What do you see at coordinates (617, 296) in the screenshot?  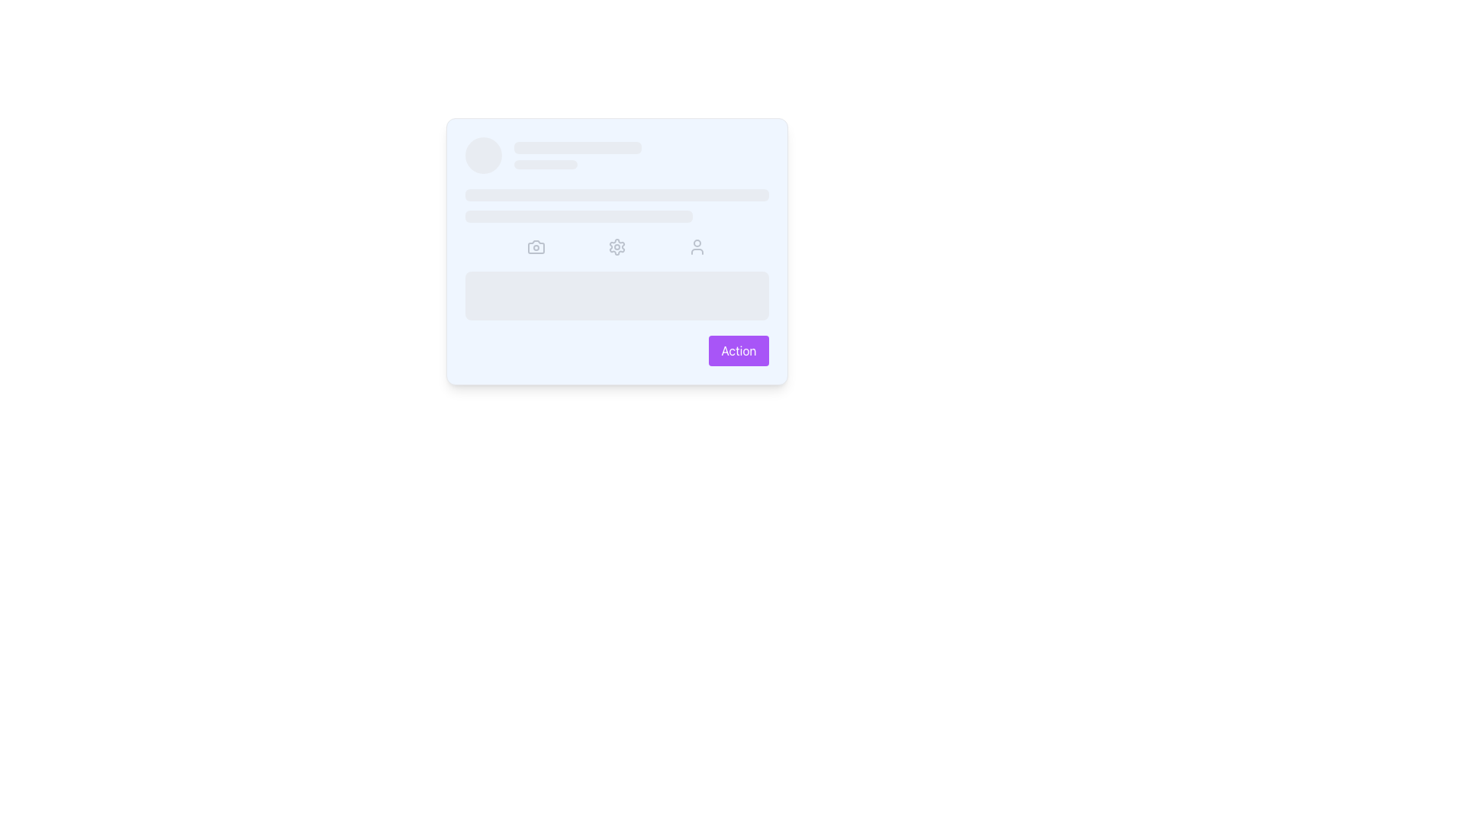 I see `the placeholder element styled as a gray block with rounded corners, which has a pulse animation and is located above the purple 'Action' button` at bounding box center [617, 296].